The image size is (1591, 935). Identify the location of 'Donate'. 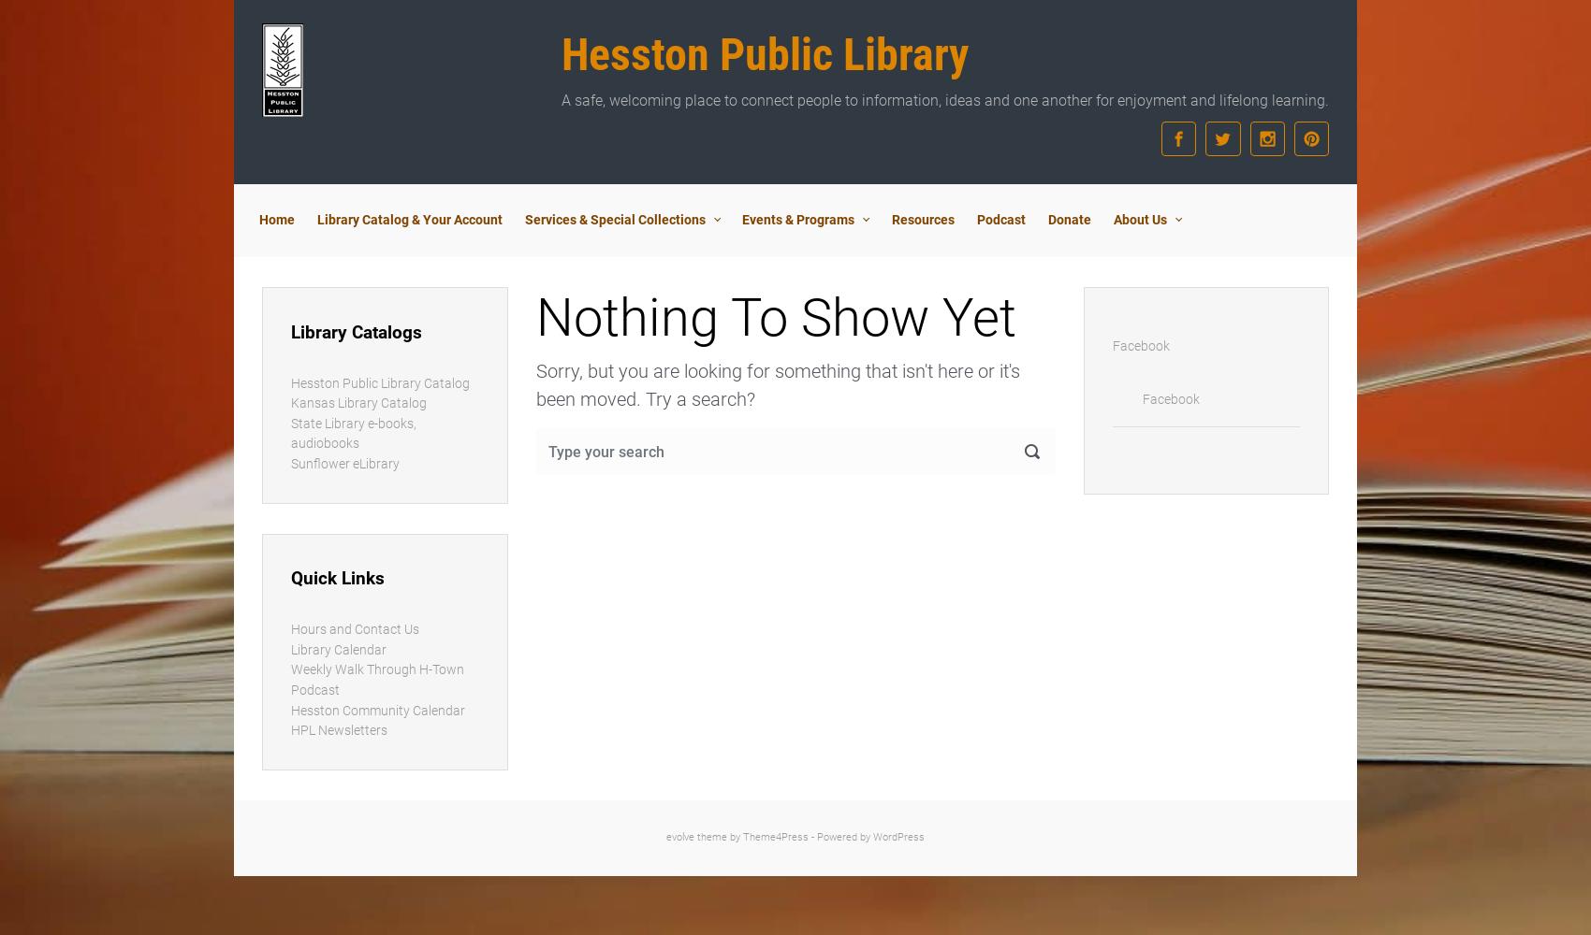
(1069, 219).